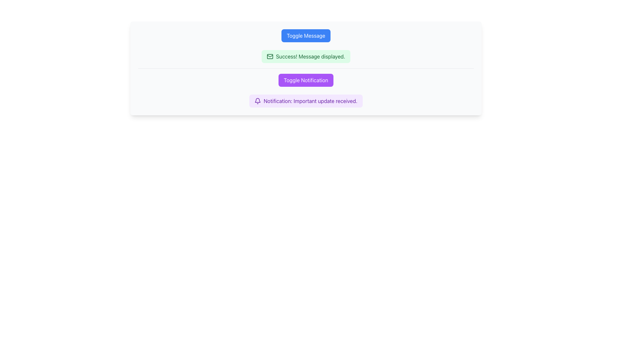 The width and height of the screenshot is (624, 351). What do you see at coordinates (305, 56) in the screenshot?
I see `the Notification alert box that serves as a visual feedback for a successful event, positioned below the 'Toggle Message' button and above the 'Toggle Notification' button` at bounding box center [305, 56].